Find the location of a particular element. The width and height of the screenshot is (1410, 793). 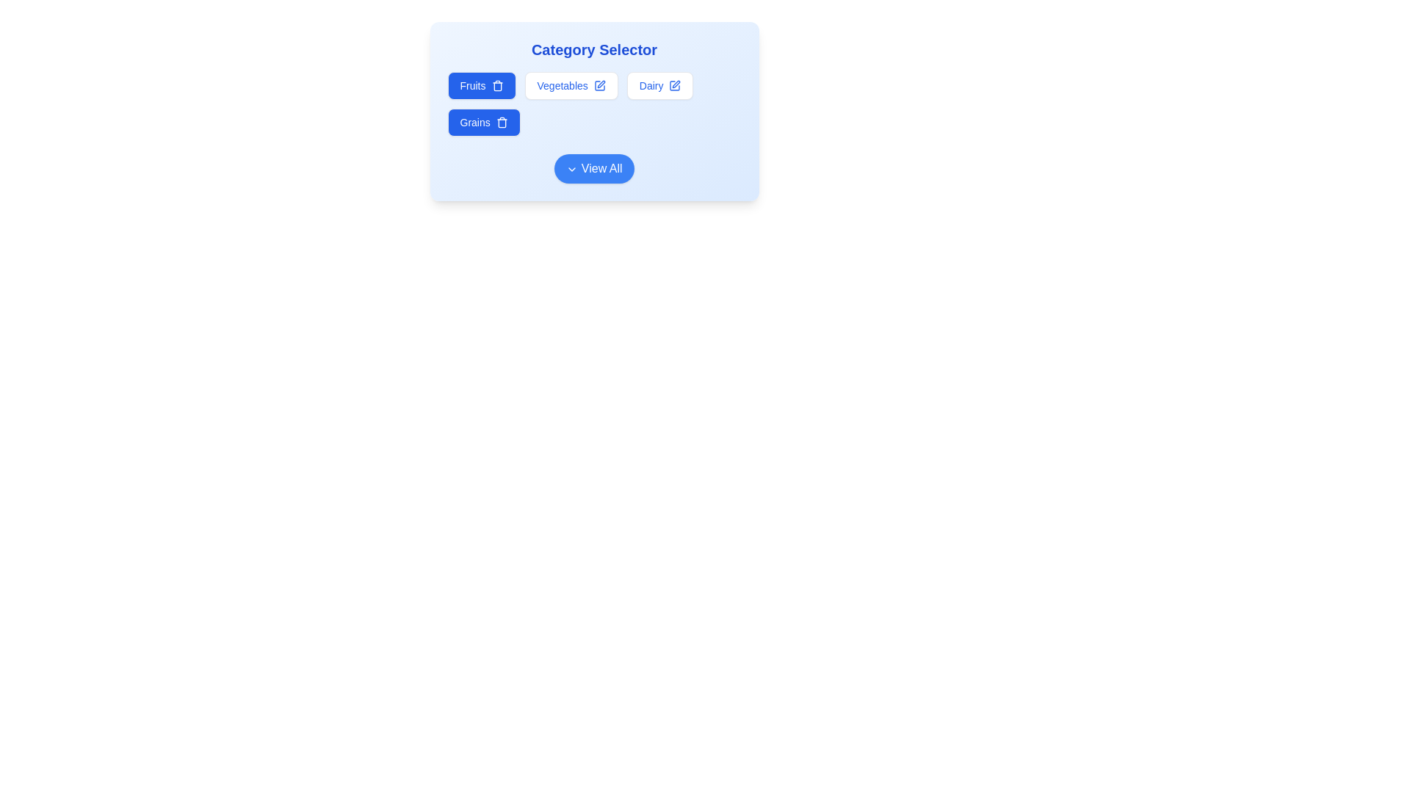

edit icon associated with the category Vegetables to select it is located at coordinates (599, 85).